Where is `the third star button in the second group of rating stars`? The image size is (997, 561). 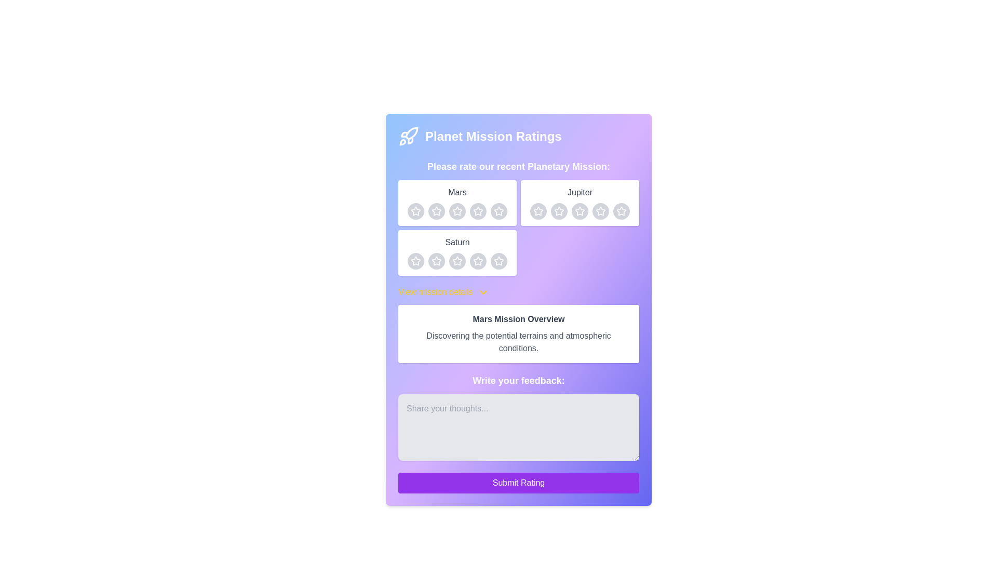
the third star button in the second group of rating stars is located at coordinates (580, 211).